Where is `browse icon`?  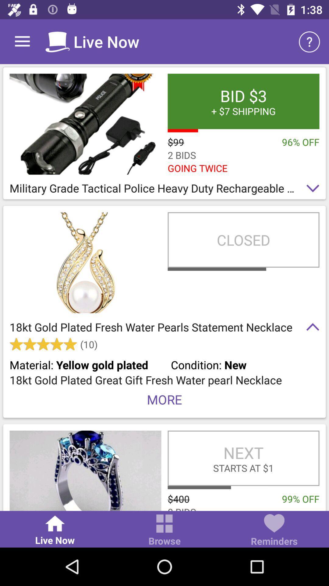
browse icon is located at coordinates (164, 530).